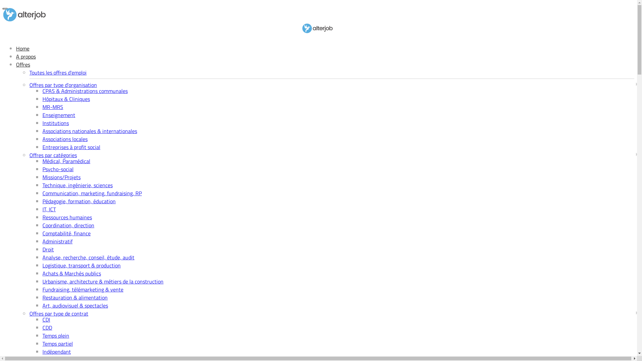 The width and height of the screenshot is (642, 361). I want to click on 'CPAS & Administrations communales', so click(85, 91).